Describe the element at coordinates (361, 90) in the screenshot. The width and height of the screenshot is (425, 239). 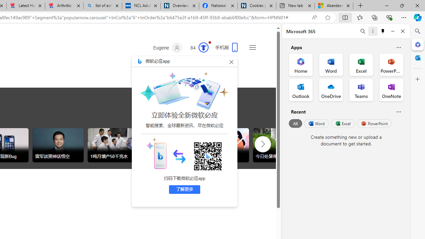
I see `'Teams Office App'` at that location.